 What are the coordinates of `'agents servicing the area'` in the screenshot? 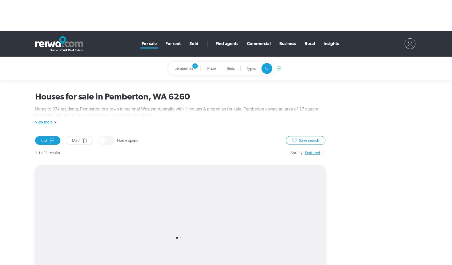 It's located at (226, 145).